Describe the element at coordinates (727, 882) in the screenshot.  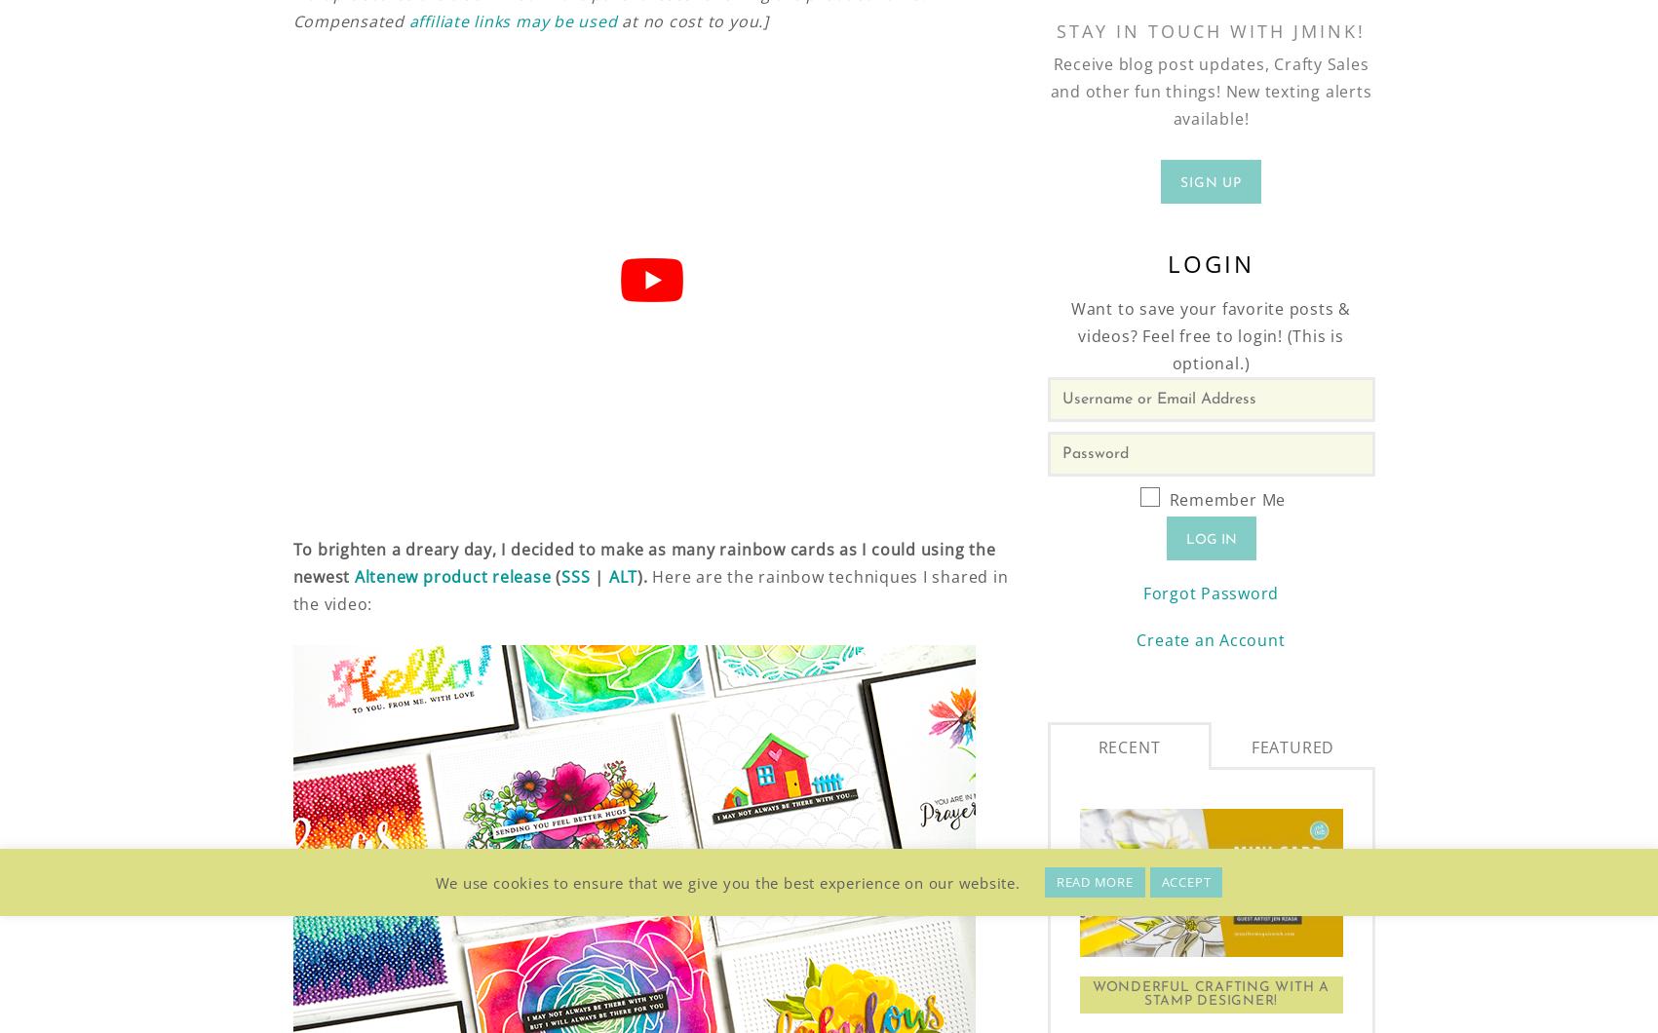
I see `'We use cookies to ensure that we give you the best experience on our website.'` at that location.